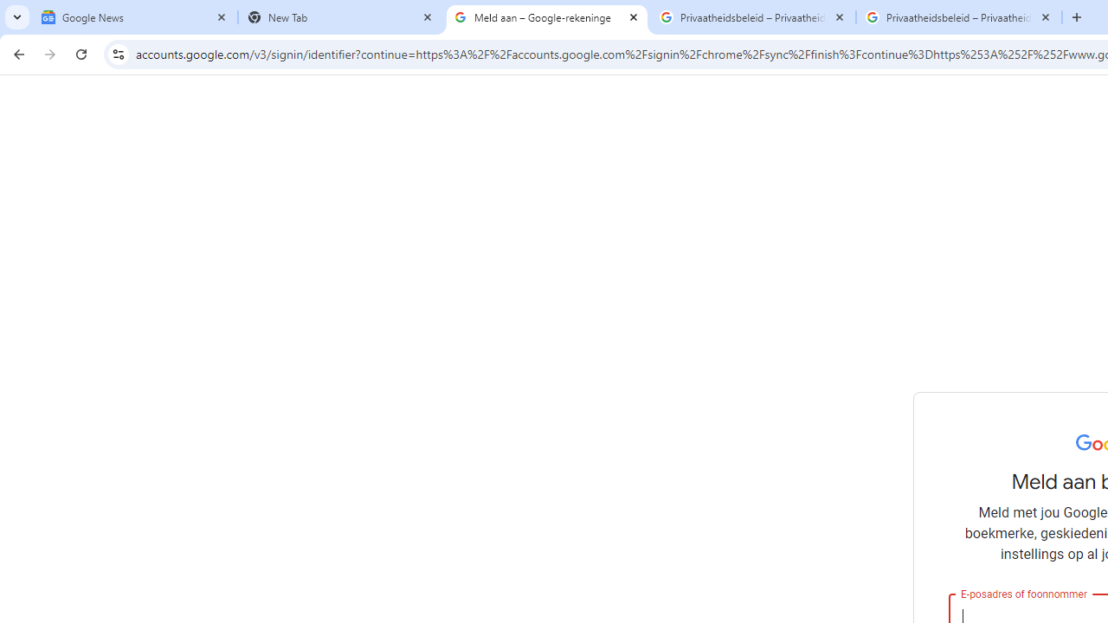 This screenshot has width=1108, height=623. Describe the element at coordinates (134, 17) in the screenshot. I see `'Google News'` at that location.